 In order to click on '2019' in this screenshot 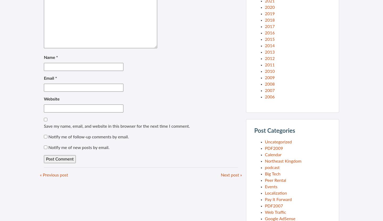, I will do `click(269, 13)`.